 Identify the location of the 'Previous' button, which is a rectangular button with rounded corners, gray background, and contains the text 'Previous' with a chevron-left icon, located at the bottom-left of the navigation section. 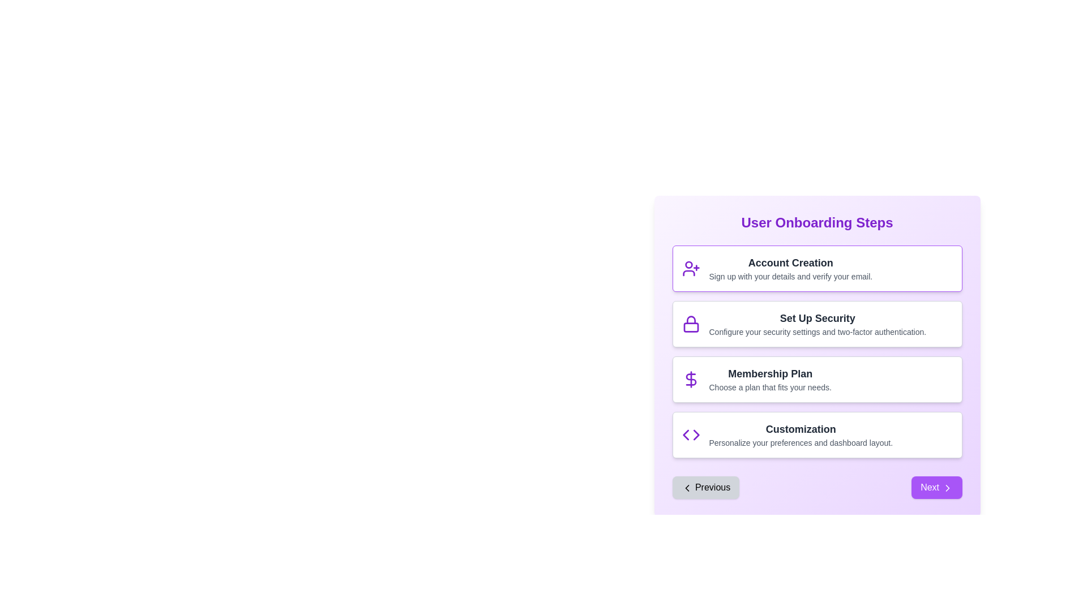
(705, 487).